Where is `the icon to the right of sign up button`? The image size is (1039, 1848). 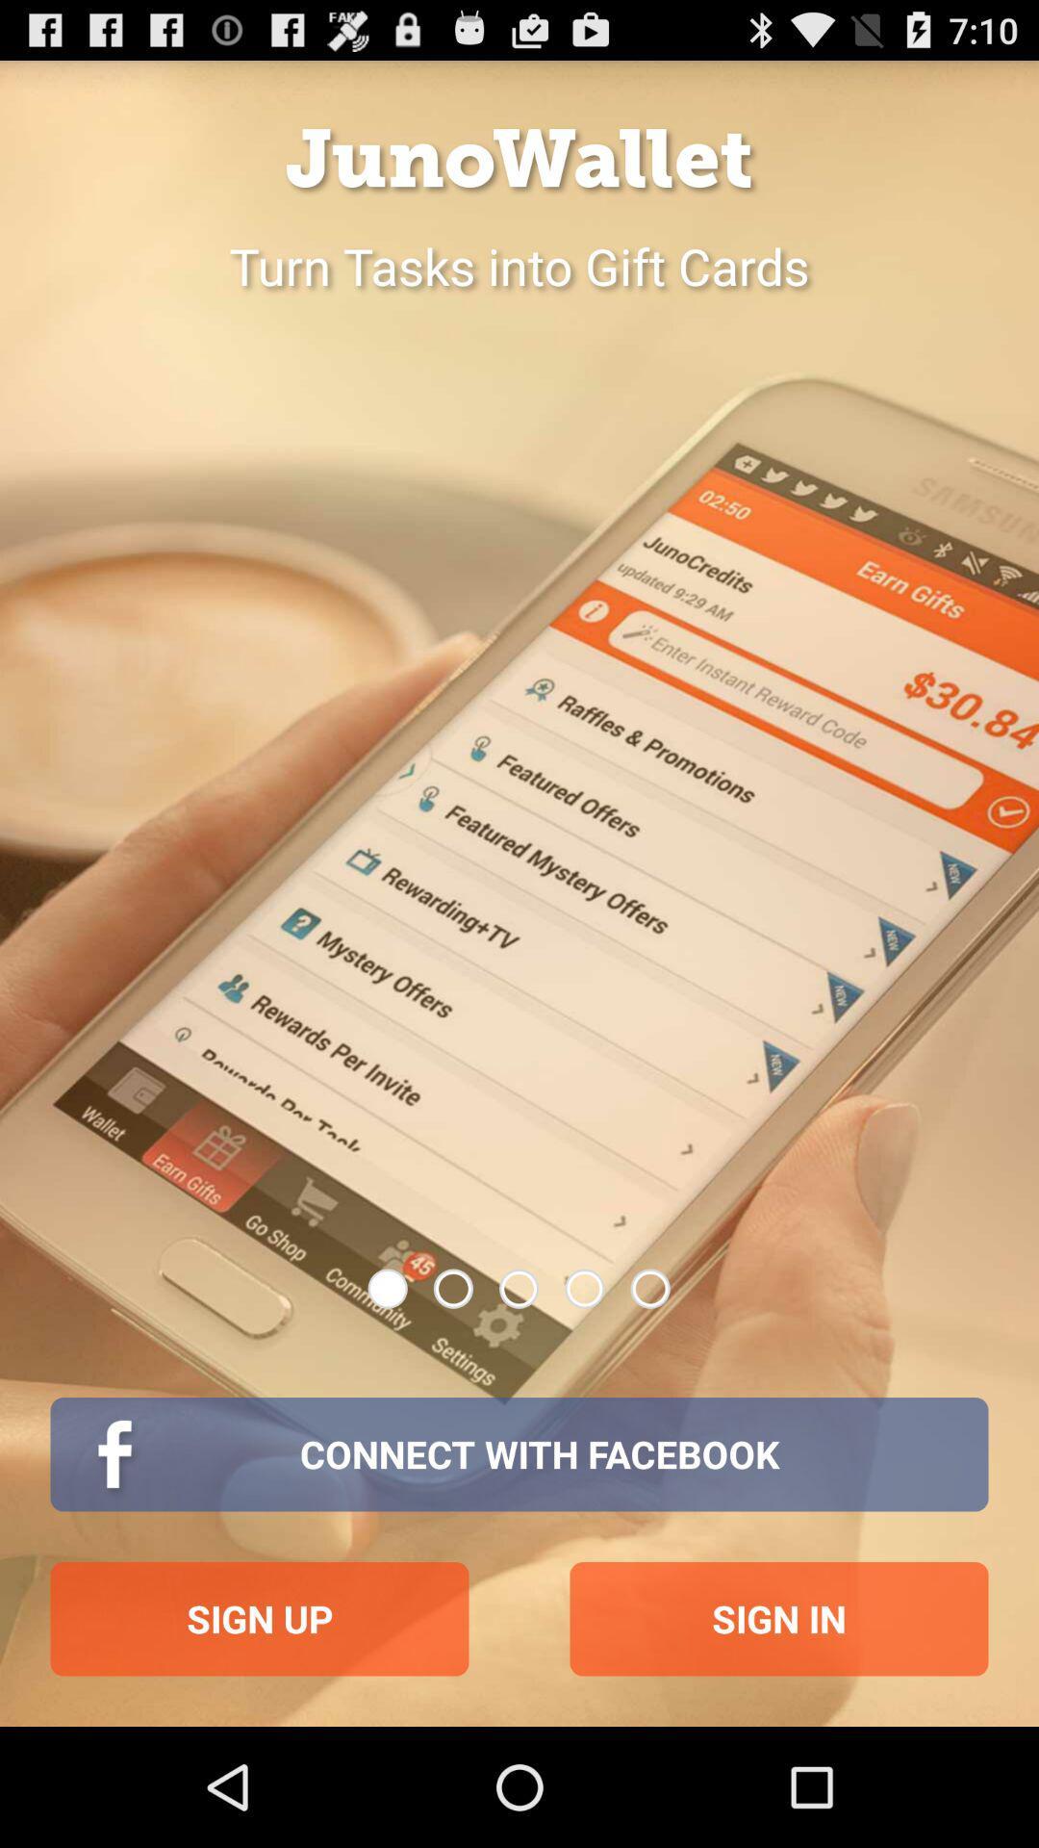
the icon to the right of sign up button is located at coordinates (779, 1618).